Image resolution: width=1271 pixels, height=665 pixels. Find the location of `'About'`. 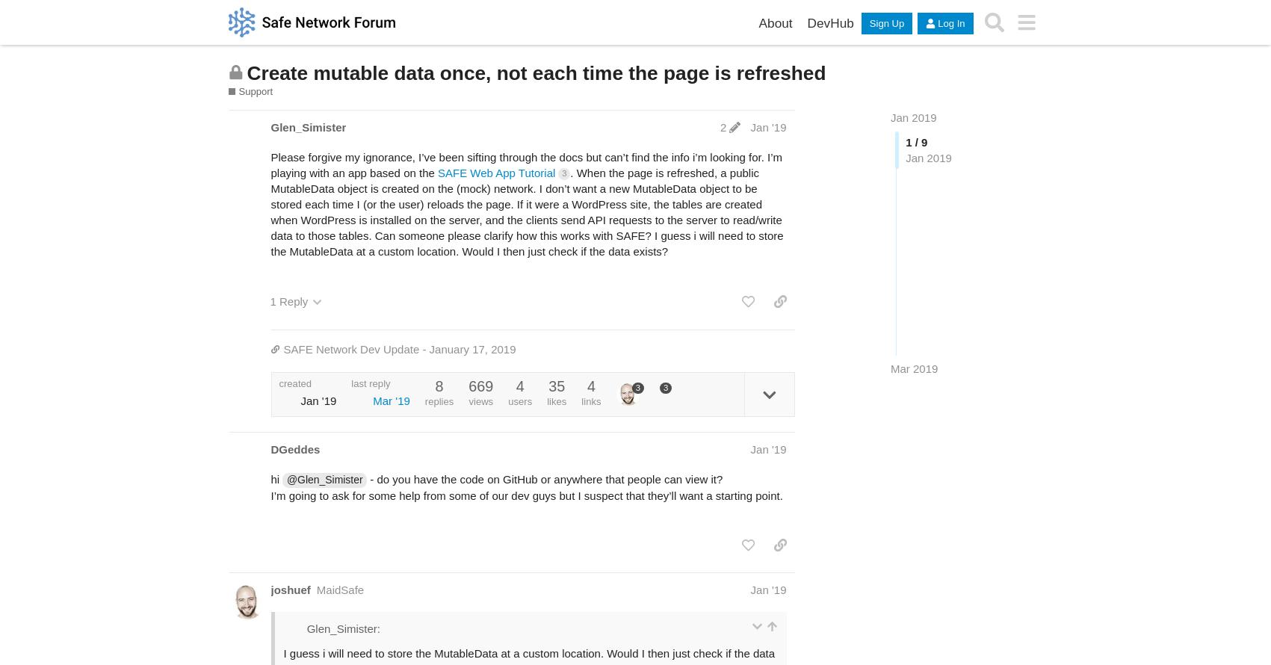

'About' is located at coordinates (758, 22).